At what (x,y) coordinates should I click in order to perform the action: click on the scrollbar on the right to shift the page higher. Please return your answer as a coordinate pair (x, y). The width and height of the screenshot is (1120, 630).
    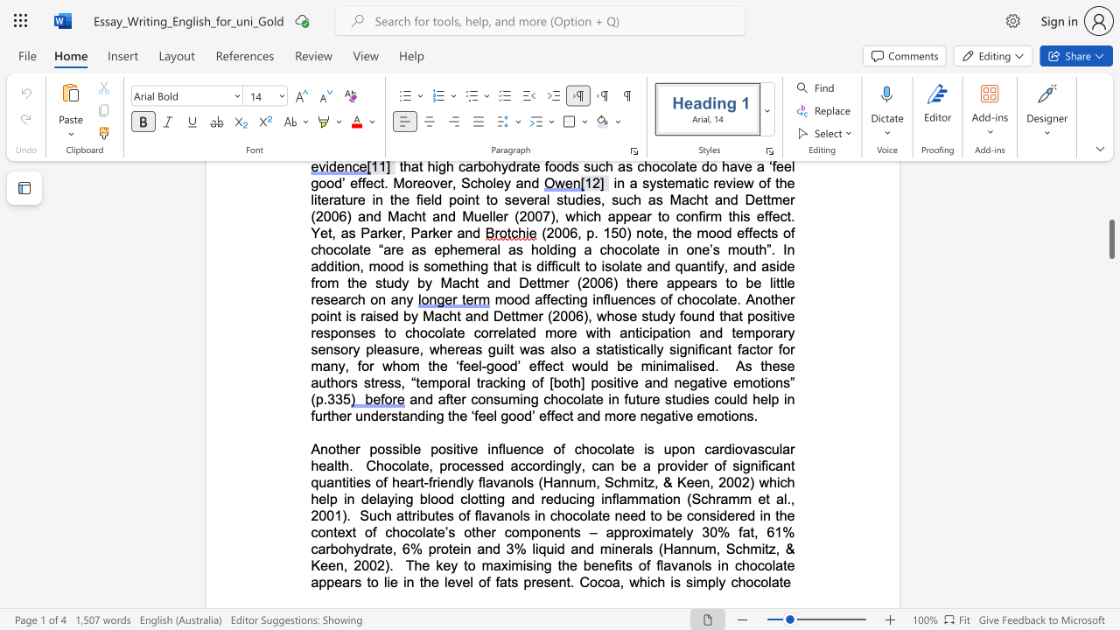
    Looking at the image, I should click on (1110, 245).